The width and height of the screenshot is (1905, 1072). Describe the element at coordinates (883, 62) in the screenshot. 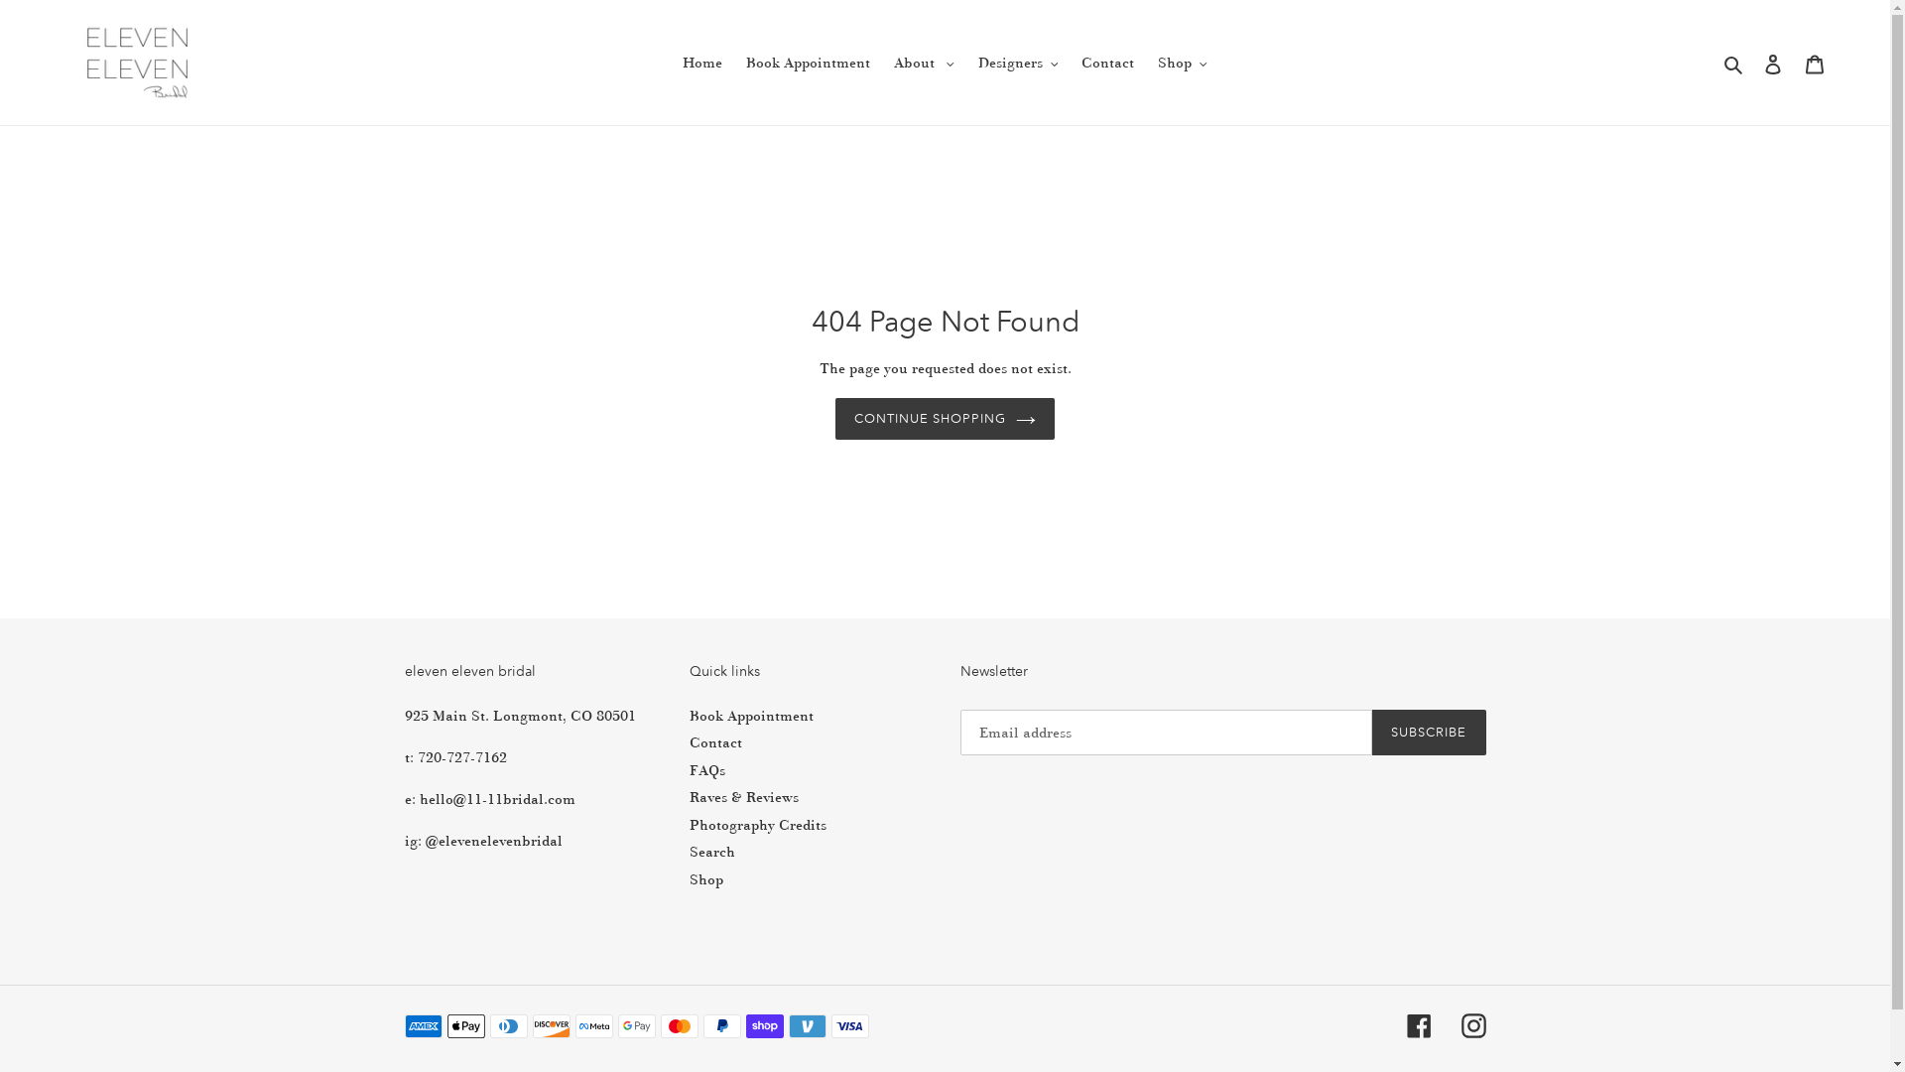

I see `'About'` at that location.